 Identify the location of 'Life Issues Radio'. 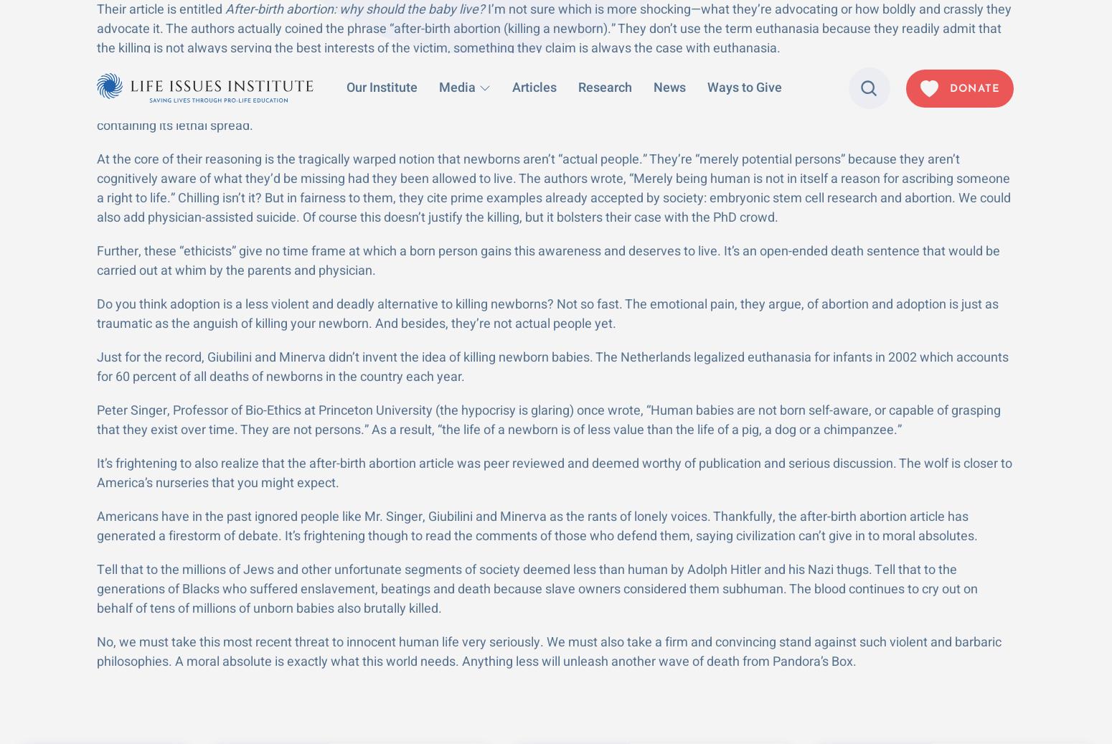
(533, 507).